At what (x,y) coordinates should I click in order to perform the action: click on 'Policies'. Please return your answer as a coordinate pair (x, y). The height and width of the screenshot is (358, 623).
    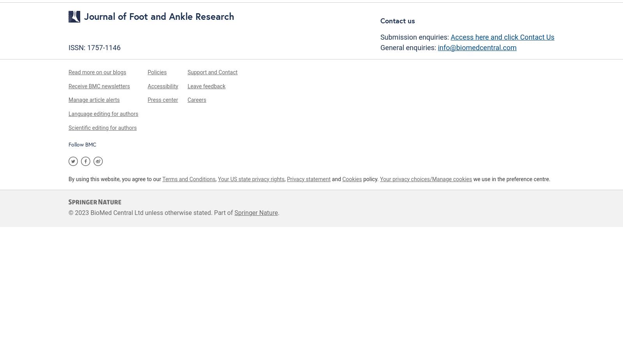
    Looking at the image, I should click on (157, 72).